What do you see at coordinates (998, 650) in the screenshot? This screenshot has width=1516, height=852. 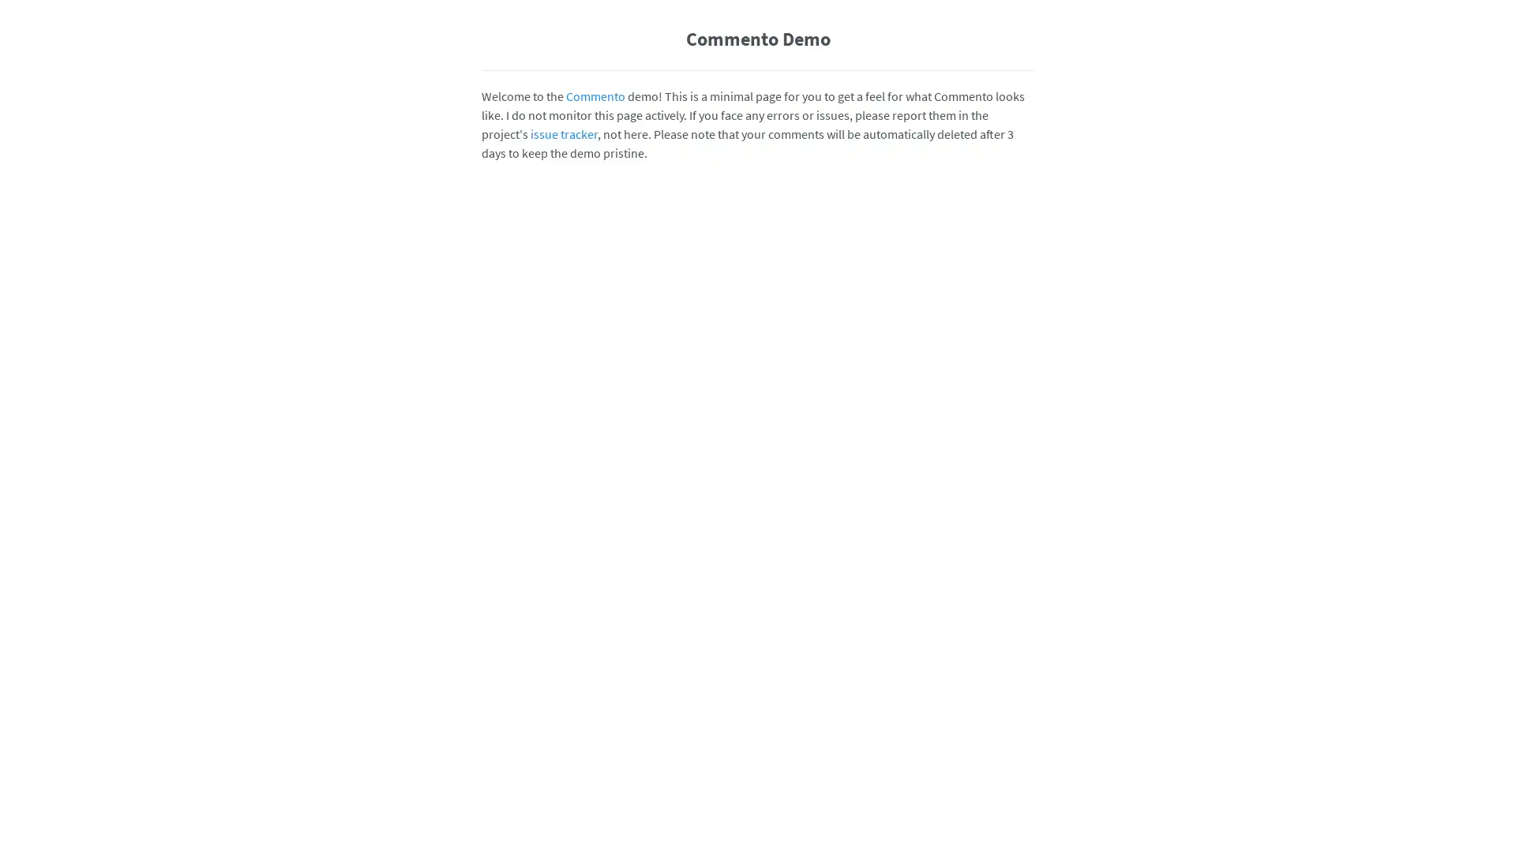 I see `Downvote` at bounding box center [998, 650].